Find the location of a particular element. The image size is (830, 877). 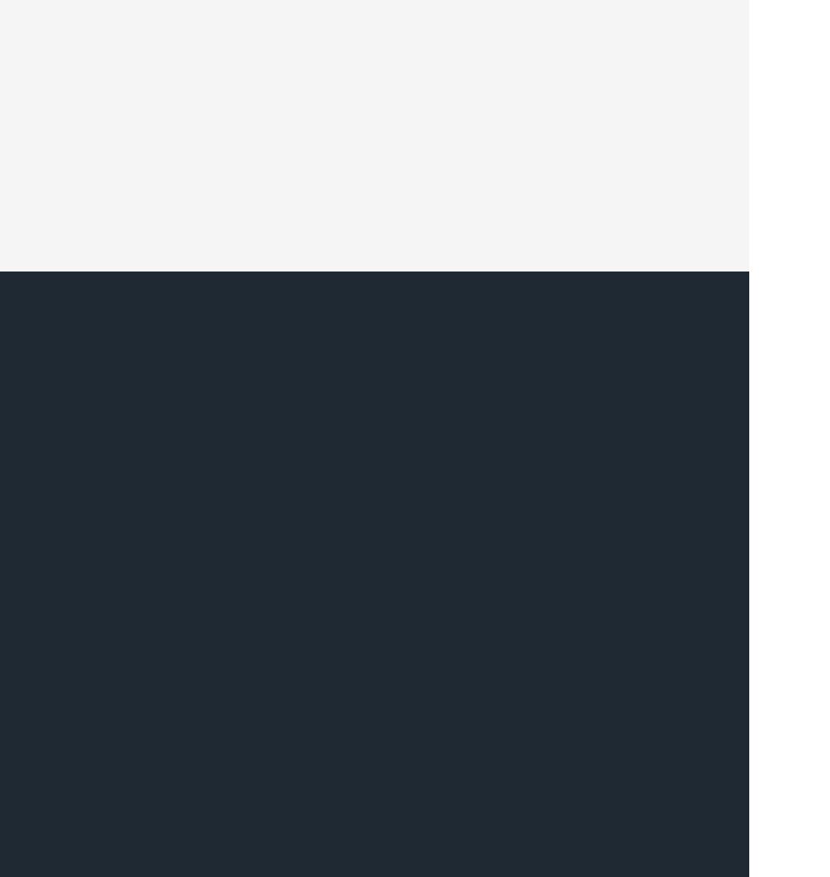

'Best CPU Coolers' is located at coordinates (359, 493).